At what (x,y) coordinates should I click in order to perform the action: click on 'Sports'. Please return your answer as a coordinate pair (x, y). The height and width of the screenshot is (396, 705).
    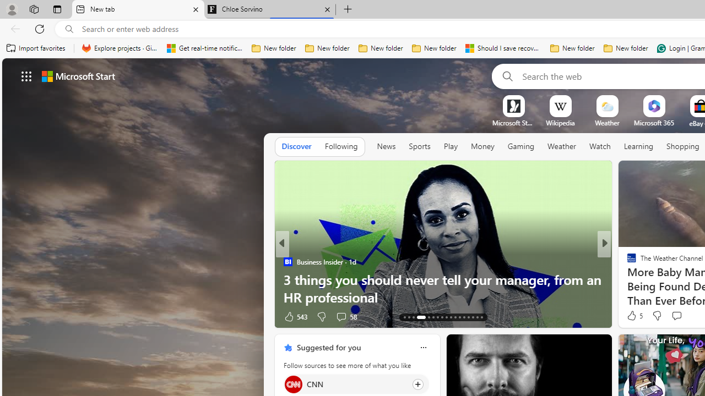
    Looking at the image, I should click on (419, 146).